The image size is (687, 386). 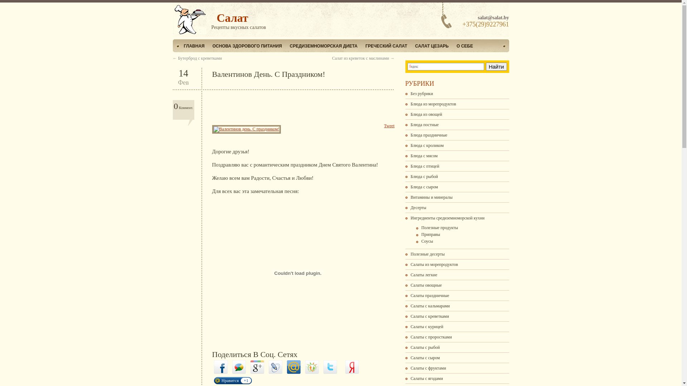 I want to click on '0', so click(x=175, y=106).